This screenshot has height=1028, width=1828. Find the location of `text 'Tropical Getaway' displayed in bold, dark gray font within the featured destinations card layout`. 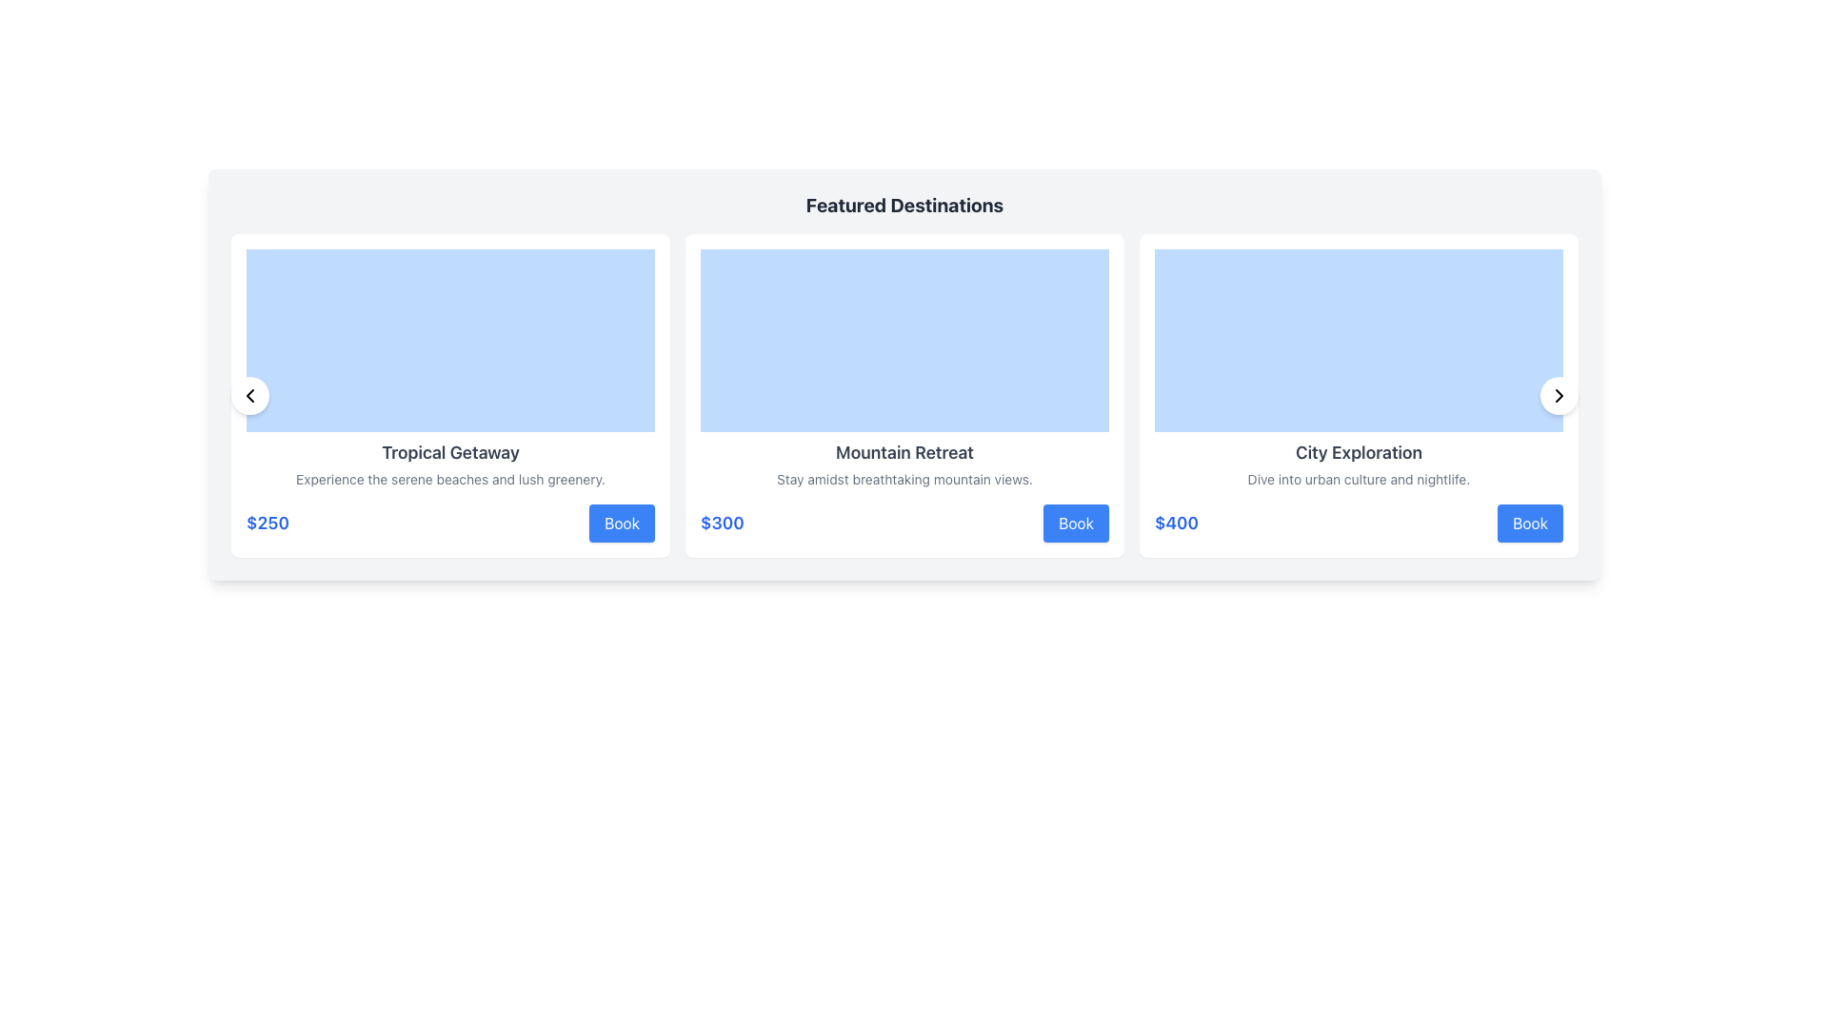

text 'Tropical Getaway' displayed in bold, dark gray font within the featured destinations card layout is located at coordinates (449, 452).